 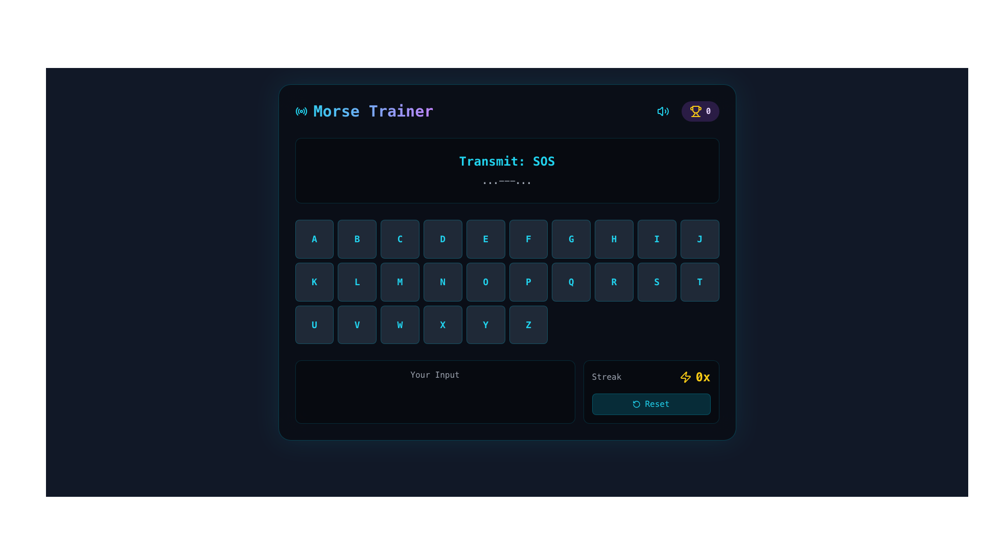 I want to click on the dark rectangular Text display panel featuring the text 'Transmit: SOS' styled in bold cyan font and '...---...' in lighter gray font, located centrally below the header 'Morse Trainer', so click(x=507, y=170).